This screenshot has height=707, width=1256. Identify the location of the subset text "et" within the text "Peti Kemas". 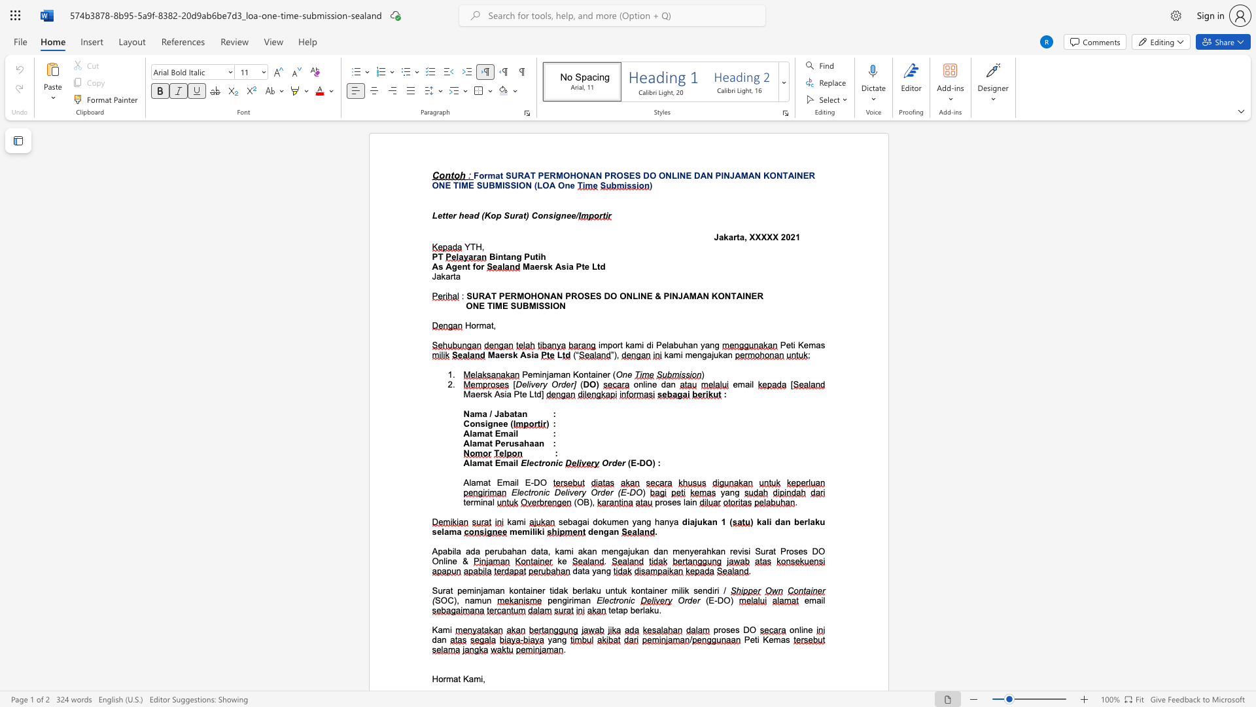
(750, 639).